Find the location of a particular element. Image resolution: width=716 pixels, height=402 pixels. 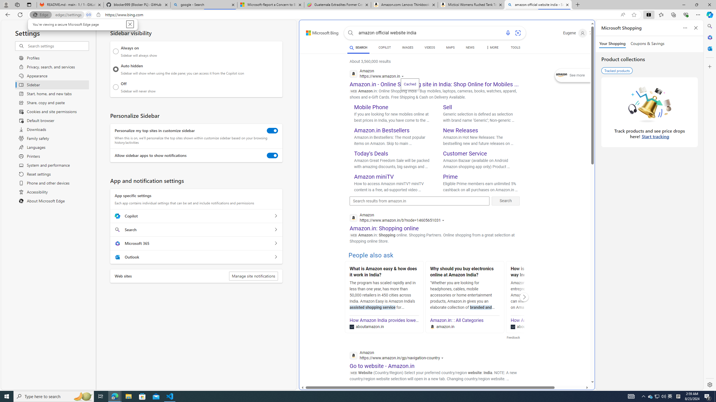

'amazon official website india - Search' is located at coordinates (538, 4).